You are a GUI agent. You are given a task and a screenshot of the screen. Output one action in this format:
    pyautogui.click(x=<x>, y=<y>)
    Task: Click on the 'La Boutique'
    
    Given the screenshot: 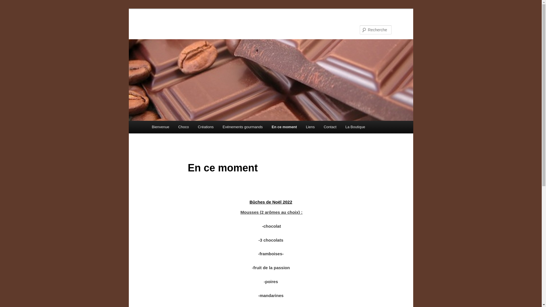 What is the action you would take?
    pyautogui.click(x=355, y=126)
    